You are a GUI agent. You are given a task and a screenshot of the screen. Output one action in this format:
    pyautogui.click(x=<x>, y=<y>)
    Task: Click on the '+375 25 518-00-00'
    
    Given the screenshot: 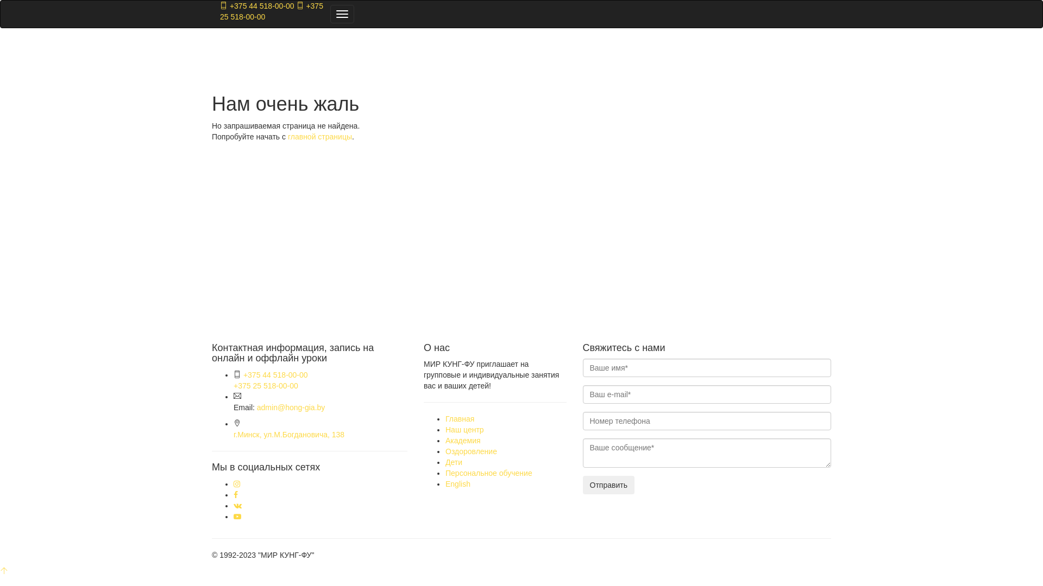 What is the action you would take?
    pyautogui.click(x=271, y=11)
    